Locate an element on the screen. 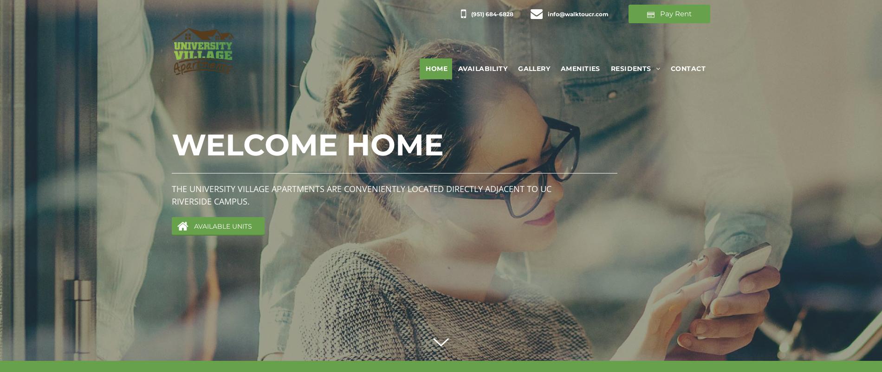 The image size is (882, 372). 'CONTACT' is located at coordinates (670, 68).